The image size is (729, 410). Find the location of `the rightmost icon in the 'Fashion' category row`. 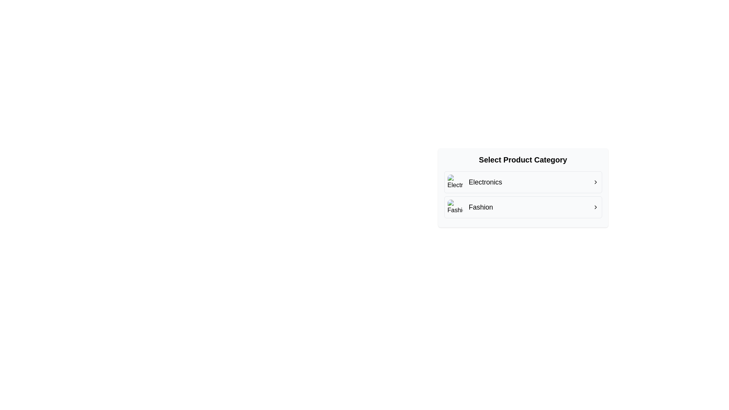

the rightmost icon in the 'Fashion' category row is located at coordinates (595, 207).